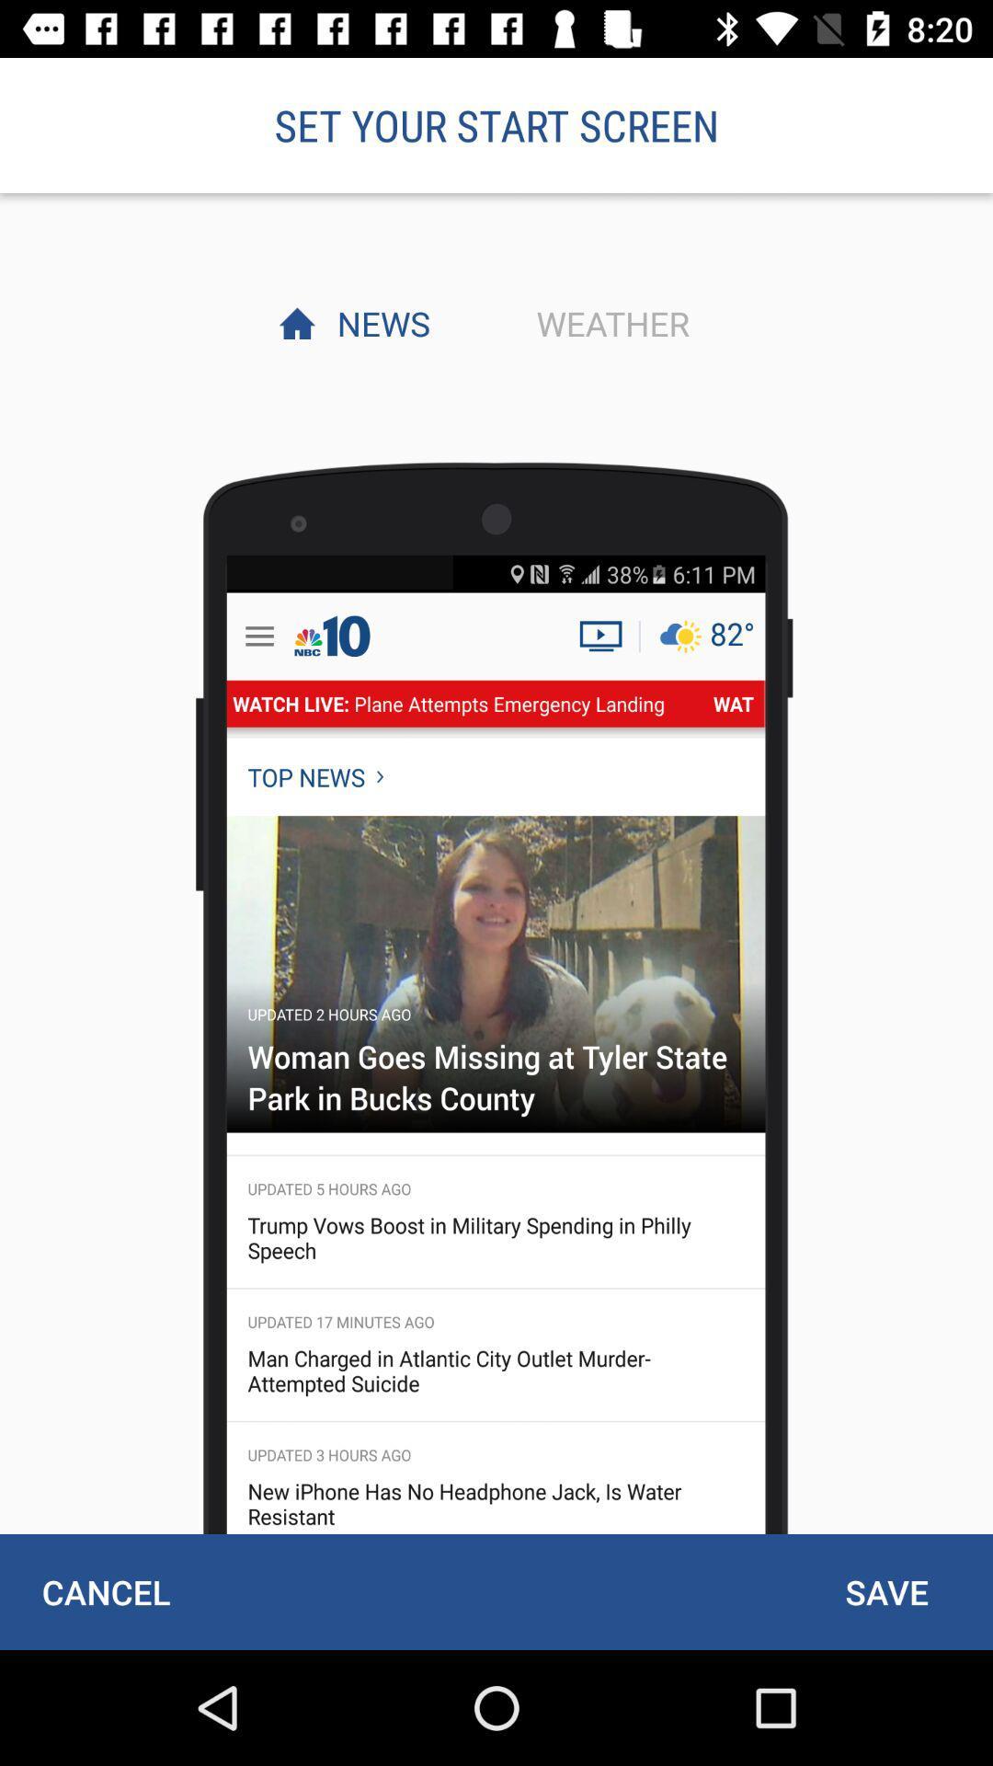 This screenshot has height=1766, width=993. Describe the element at coordinates (106, 1591) in the screenshot. I see `the cancel item` at that location.